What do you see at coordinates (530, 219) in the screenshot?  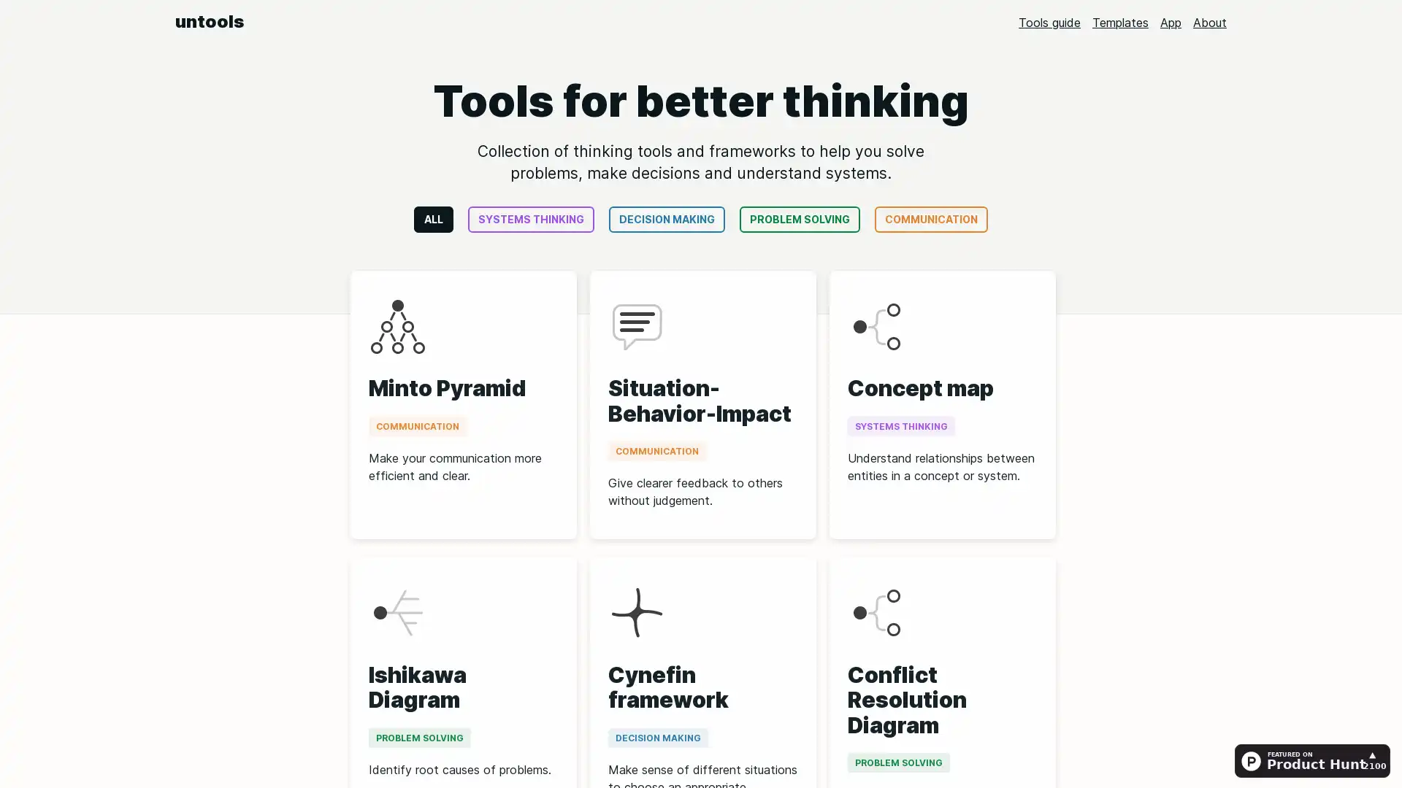 I see `SYSTEMS THINKING` at bounding box center [530, 219].